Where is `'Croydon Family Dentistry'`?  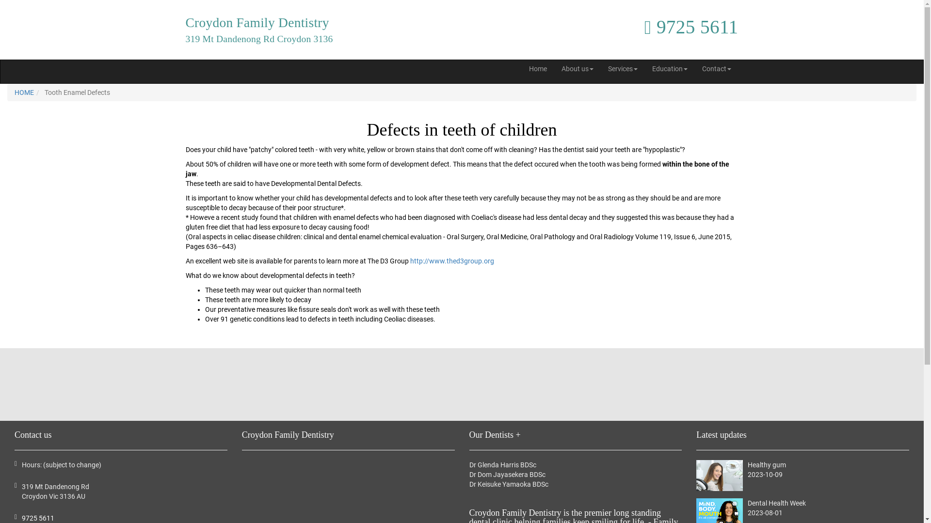 'Croydon Family Dentistry' is located at coordinates (257, 22).